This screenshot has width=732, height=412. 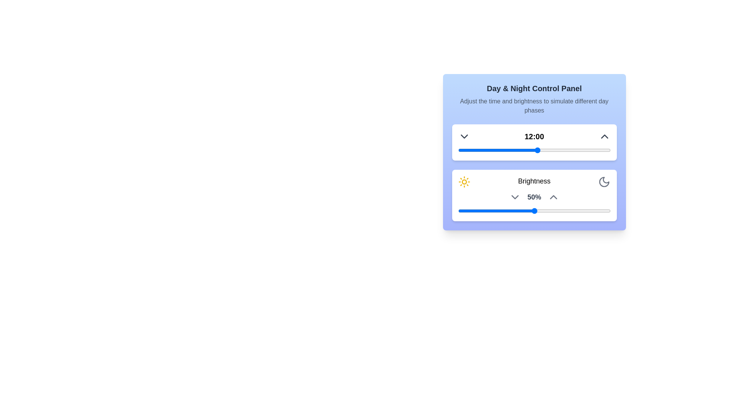 I want to click on the time, so click(x=551, y=150).